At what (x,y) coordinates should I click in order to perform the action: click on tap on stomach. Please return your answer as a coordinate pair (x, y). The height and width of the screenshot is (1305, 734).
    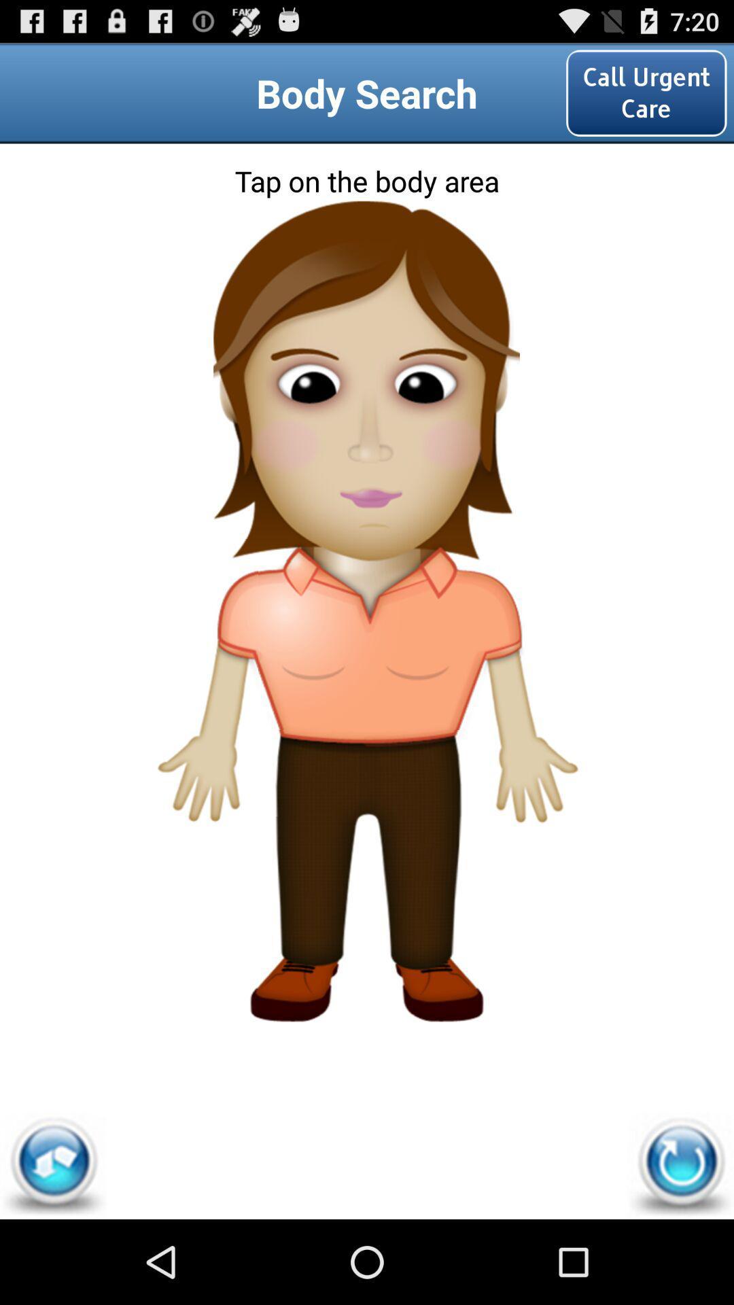
    Looking at the image, I should click on (366, 702).